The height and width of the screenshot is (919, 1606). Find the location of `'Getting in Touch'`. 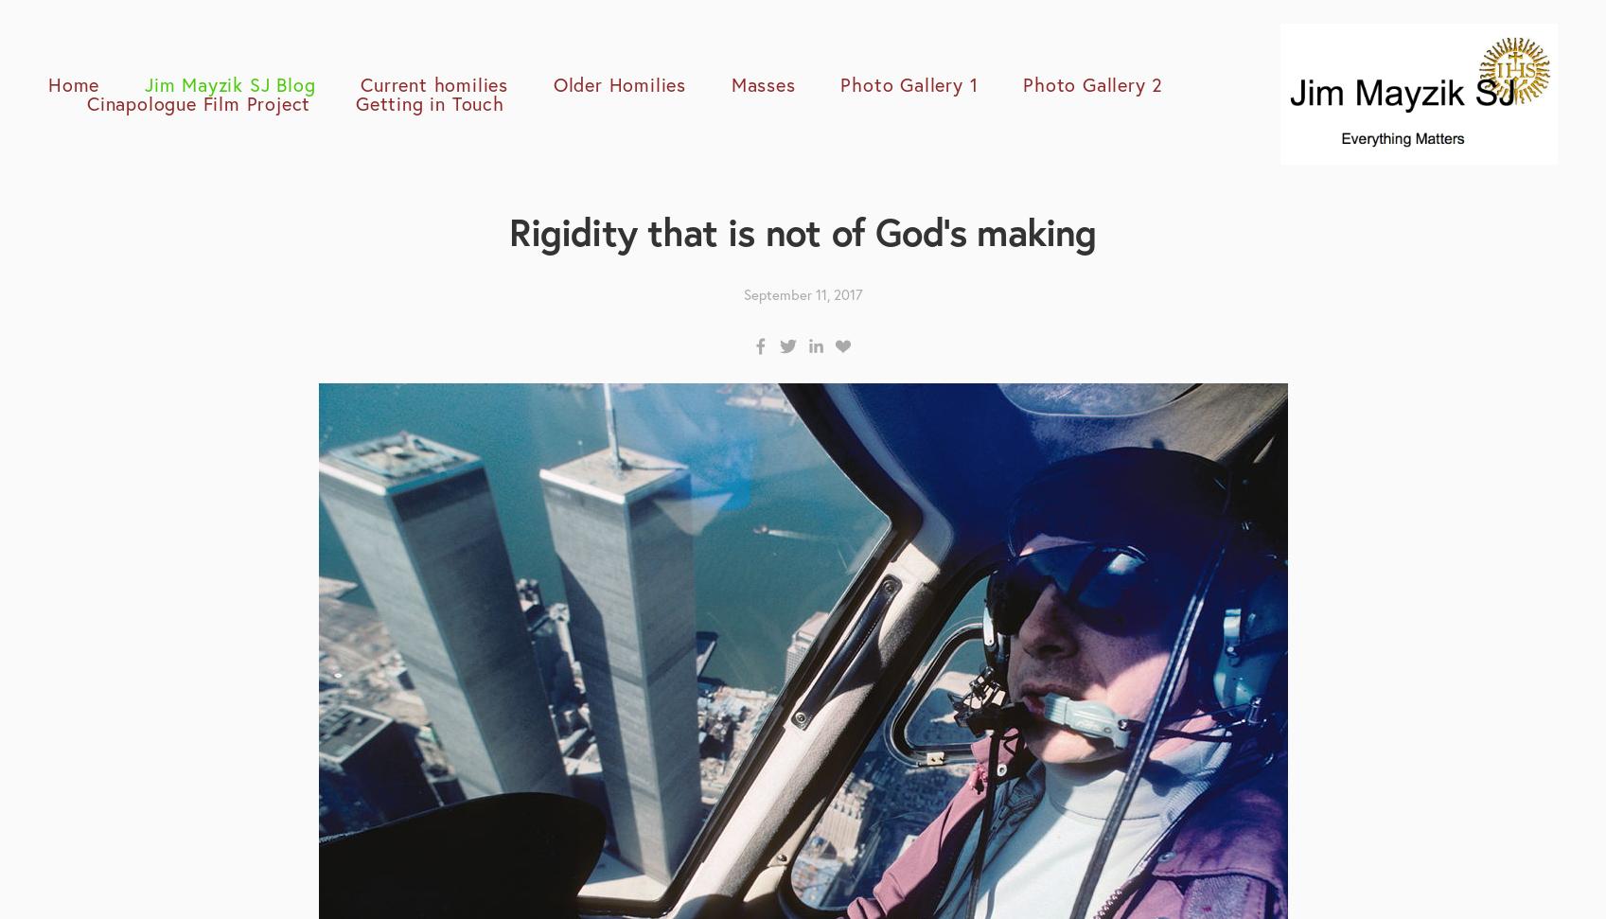

'Getting in Touch' is located at coordinates (428, 102).